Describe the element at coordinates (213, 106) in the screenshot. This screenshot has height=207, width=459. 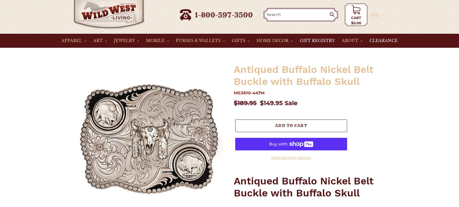
I see `'Are you a New User?'` at that location.